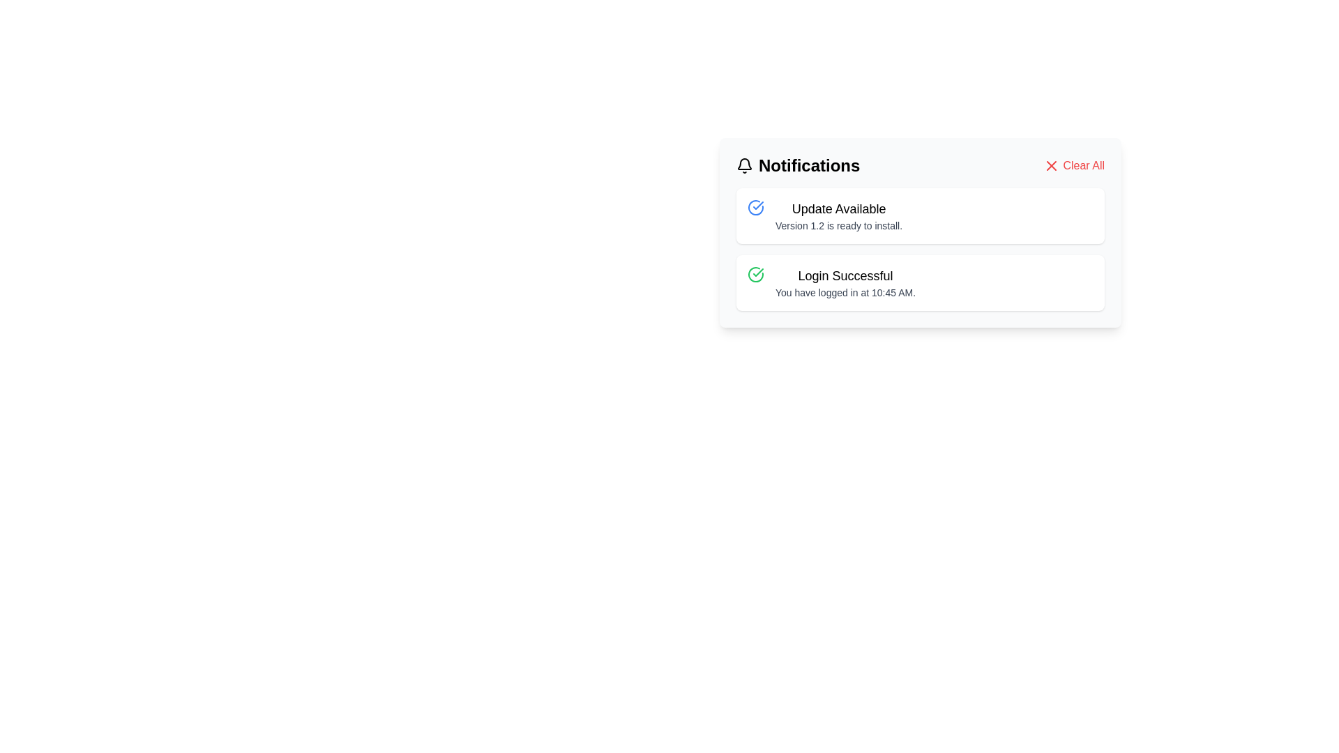  Describe the element at coordinates (757, 205) in the screenshot. I see `the icon indicating a successful operation located to the left of the text 'Login Successful' in the second notification item under the 'Notifications' section` at that location.